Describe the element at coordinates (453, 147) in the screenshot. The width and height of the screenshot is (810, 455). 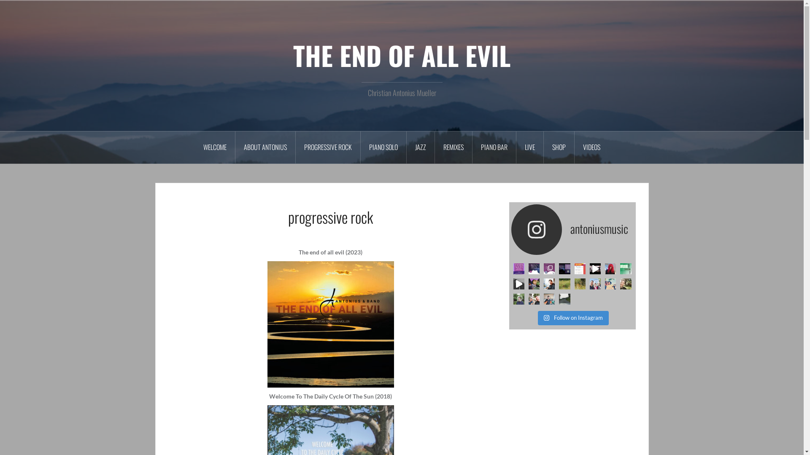
I see `'REMIXES'` at that location.